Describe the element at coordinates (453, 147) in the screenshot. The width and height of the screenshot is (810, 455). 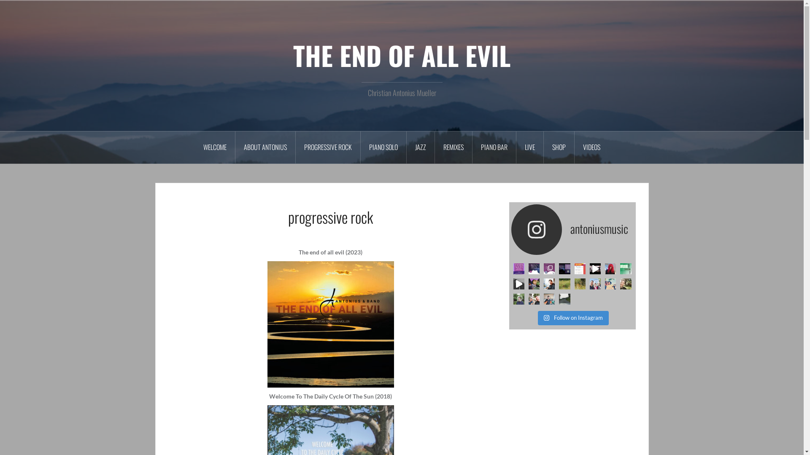
I see `'REMIXES'` at that location.